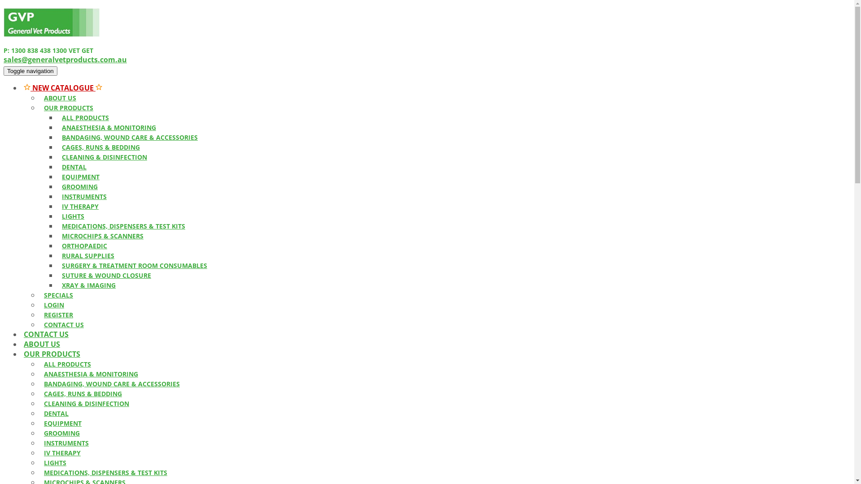 This screenshot has width=861, height=484. Describe the element at coordinates (88, 285) in the screenshot. I see `'XRAY & IMAGING'` at that location.